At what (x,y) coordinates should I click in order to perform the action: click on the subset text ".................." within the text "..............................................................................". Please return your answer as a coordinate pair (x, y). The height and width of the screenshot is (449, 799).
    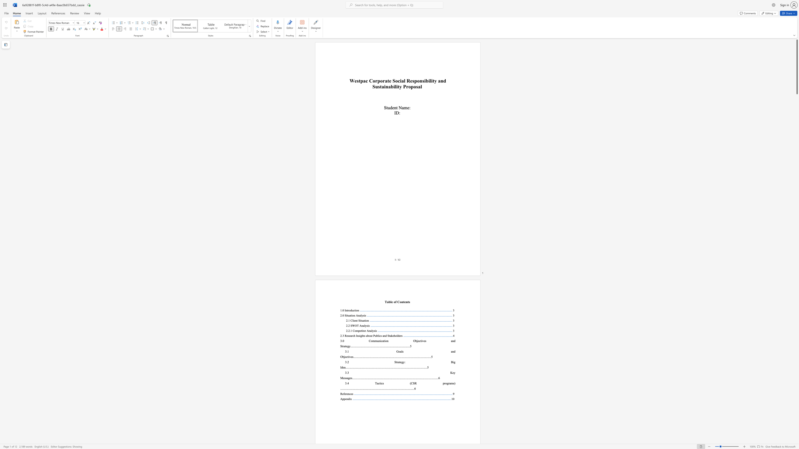
    Looking at the image, I should click on (397, 356).